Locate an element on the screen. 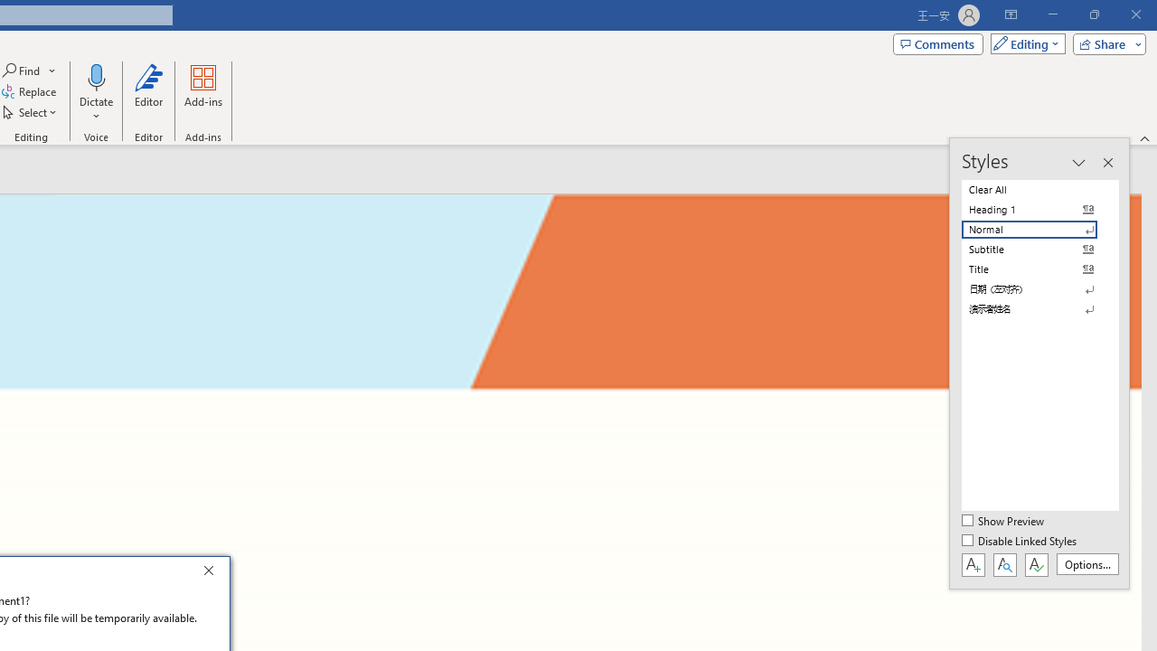 The height and width of the screenshot is (651, 1157). 'Minimize' is located at coordinates (1052, 14).